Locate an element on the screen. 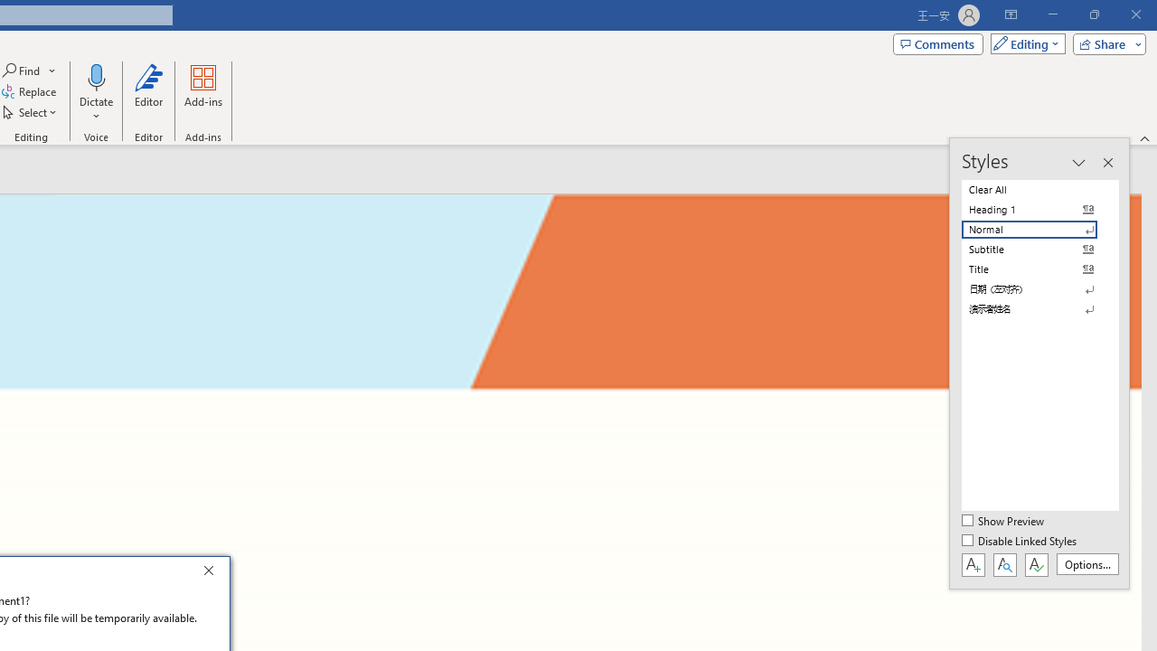 The height and width of the screenshot is (651, 1157). 'Minimize' is located at coordinates (1052, 14).